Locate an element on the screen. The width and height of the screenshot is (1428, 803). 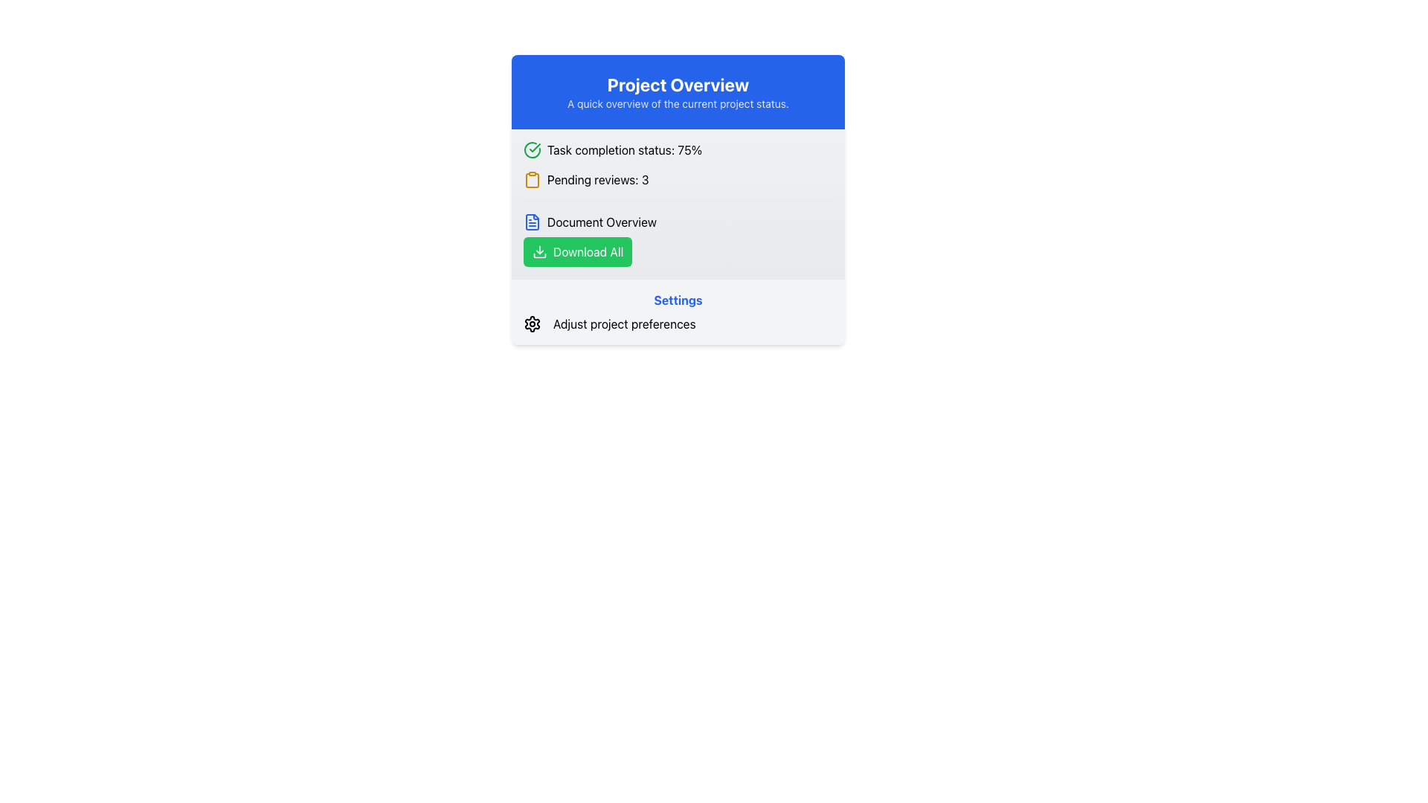
the 'Document Overview' text label, which is displayed in bold black font and aligned with a blue document icon to its left is located at coordinates (602, 222).